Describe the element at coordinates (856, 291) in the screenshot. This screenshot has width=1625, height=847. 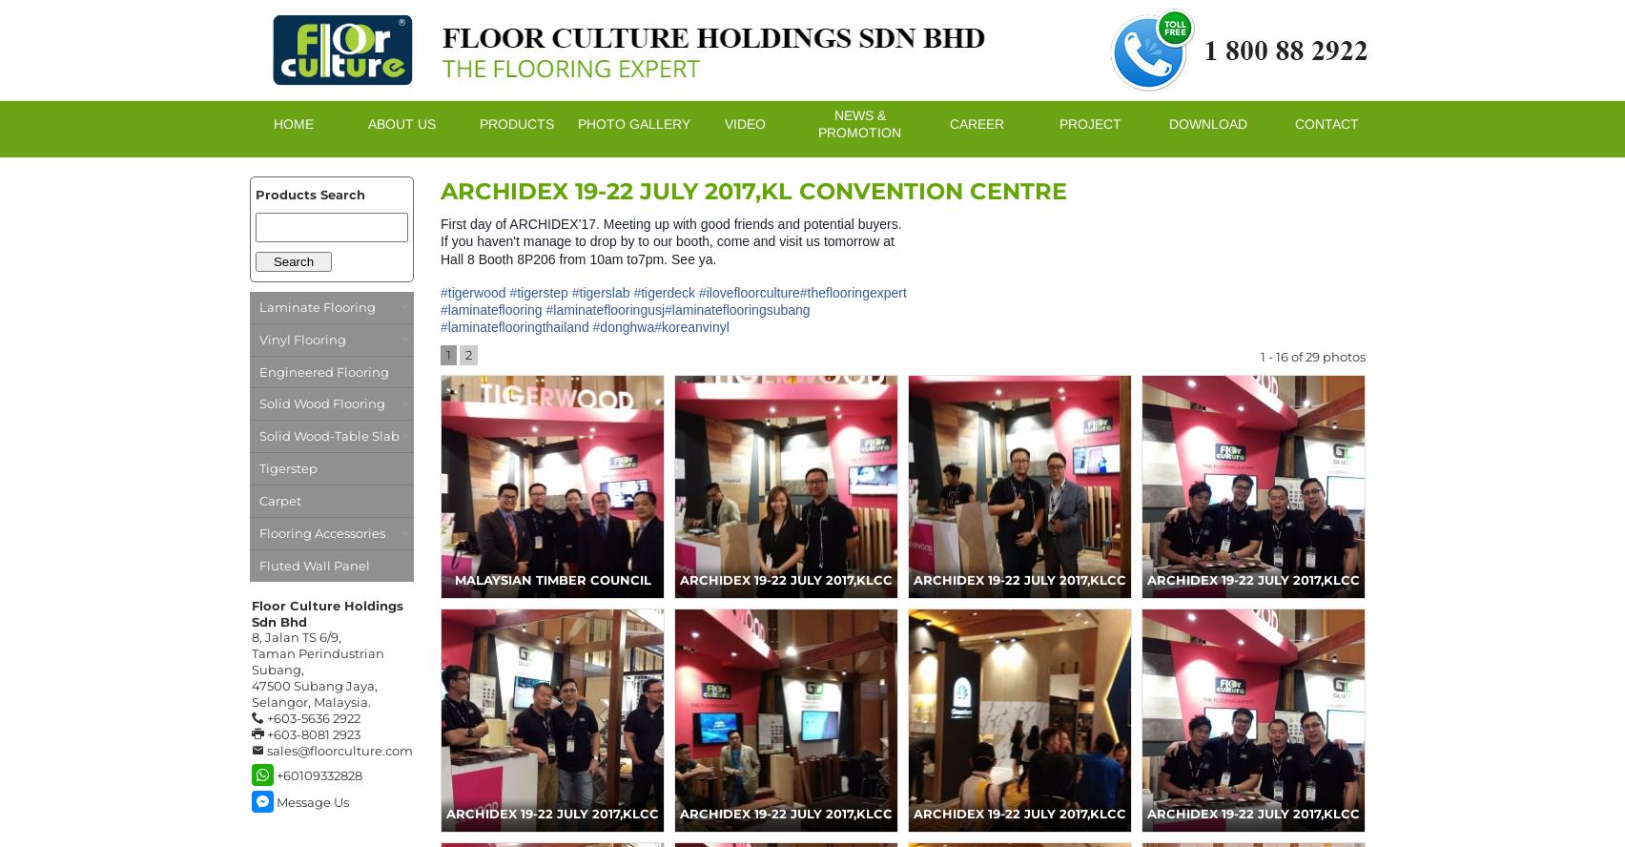
I see `'theflooringexpert'` at that location.